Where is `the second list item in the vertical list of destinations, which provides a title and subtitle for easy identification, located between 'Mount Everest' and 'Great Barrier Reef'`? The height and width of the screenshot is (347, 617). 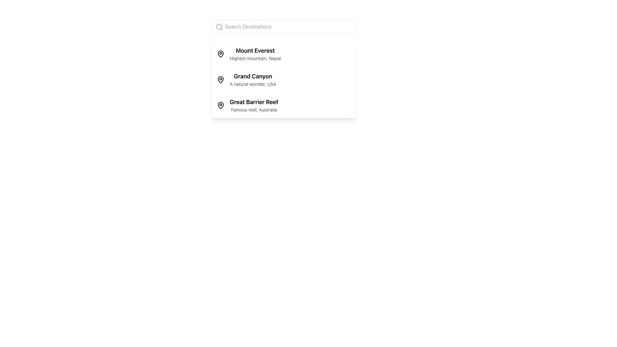 the second list item in the vertical list of destinations, which provides a title and subtitle for easy identification, located between 'Mount Everest' and 'Great Barrier Reef' is located at coordinates (253, 79).